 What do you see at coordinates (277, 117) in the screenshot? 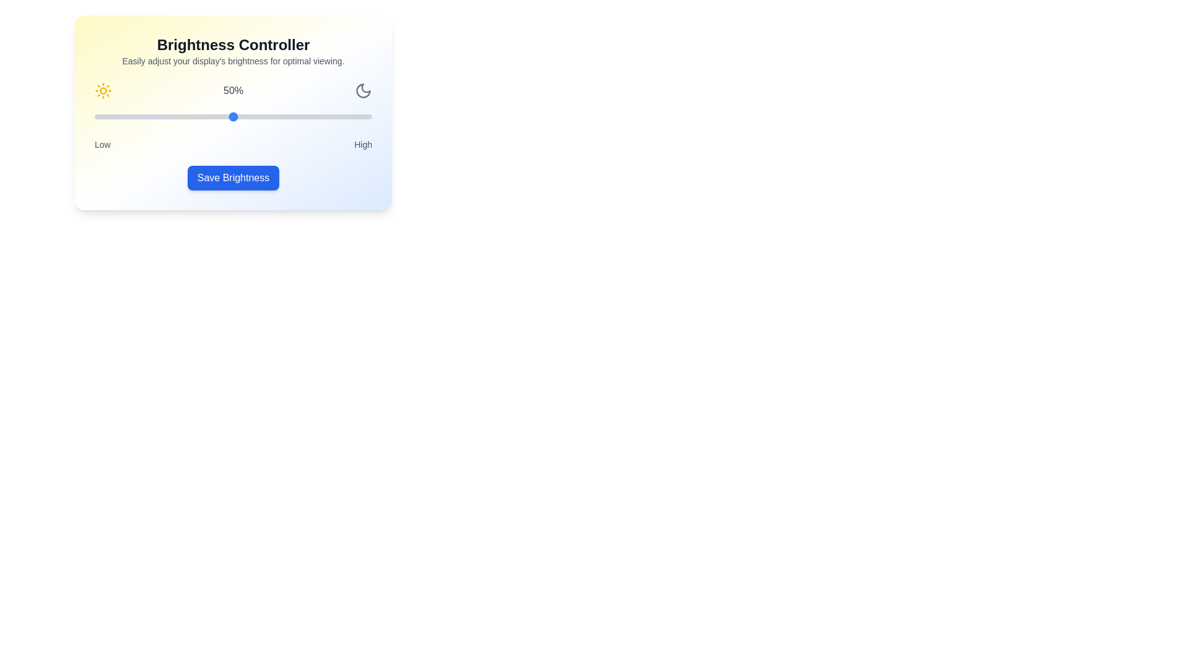
I see `the brightness slider to 66%` at bounding box center [277, 117].